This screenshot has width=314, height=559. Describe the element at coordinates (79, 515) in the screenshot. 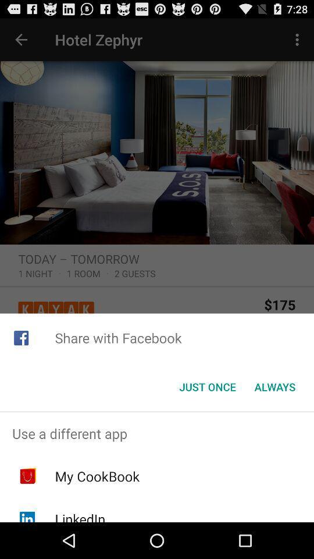

I see `app below my cookbook app` at that location.